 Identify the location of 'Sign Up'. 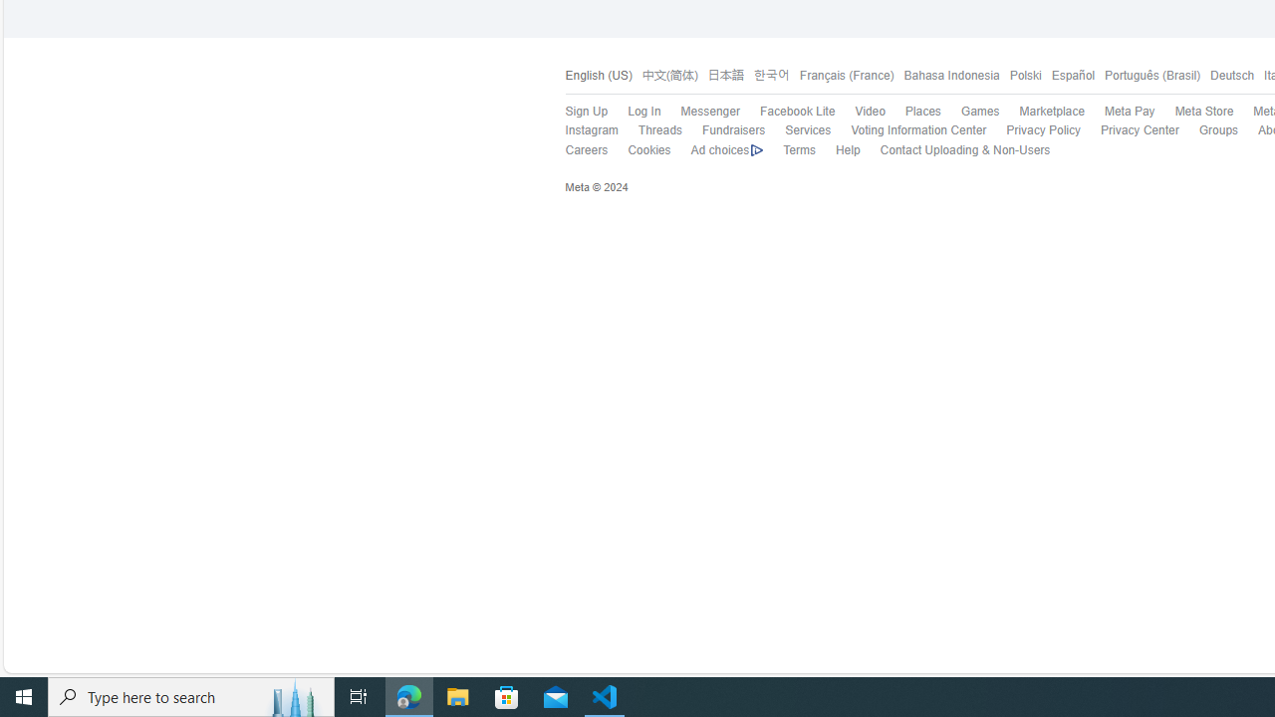
(575, 113).